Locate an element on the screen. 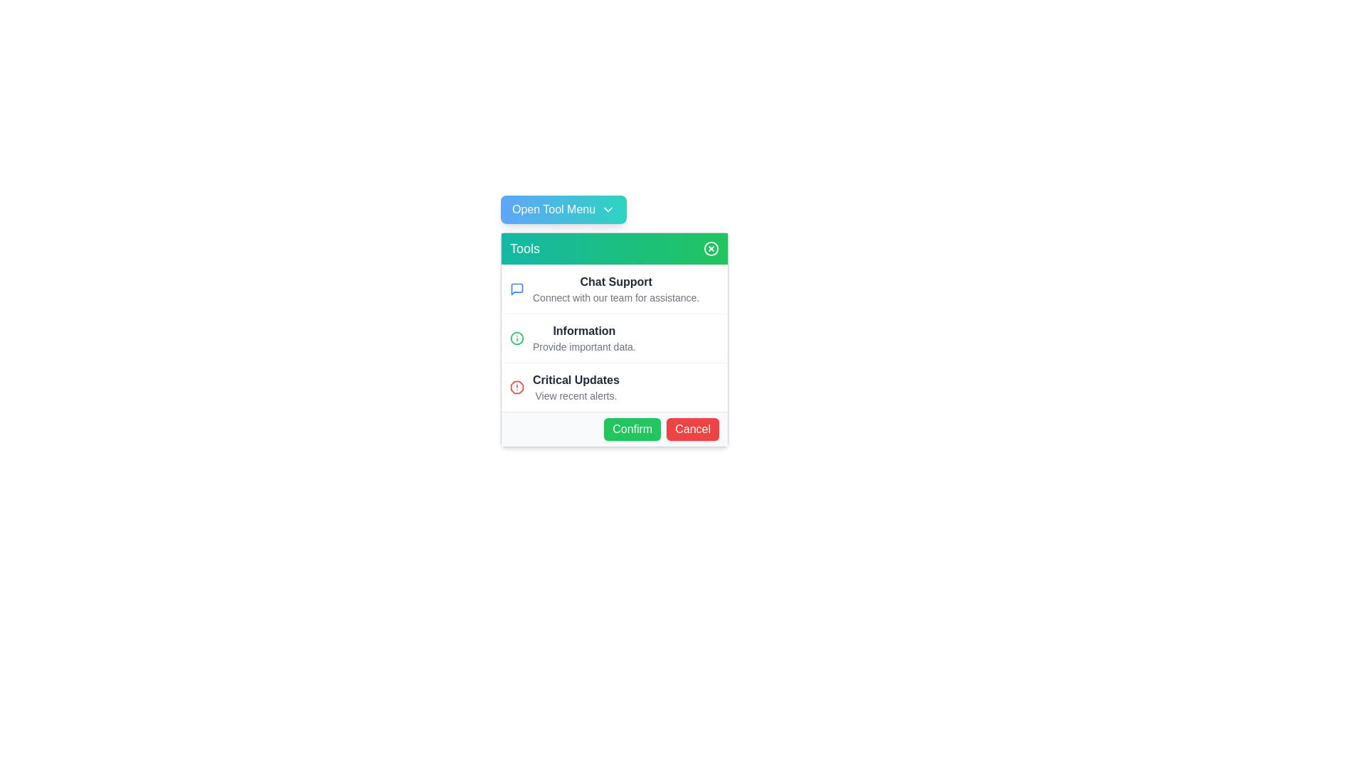 This screenshot has height=768, width=1366. the second item in the vertical list of selectable options under the 'Tools' menu is located at coordinates (615, 340).